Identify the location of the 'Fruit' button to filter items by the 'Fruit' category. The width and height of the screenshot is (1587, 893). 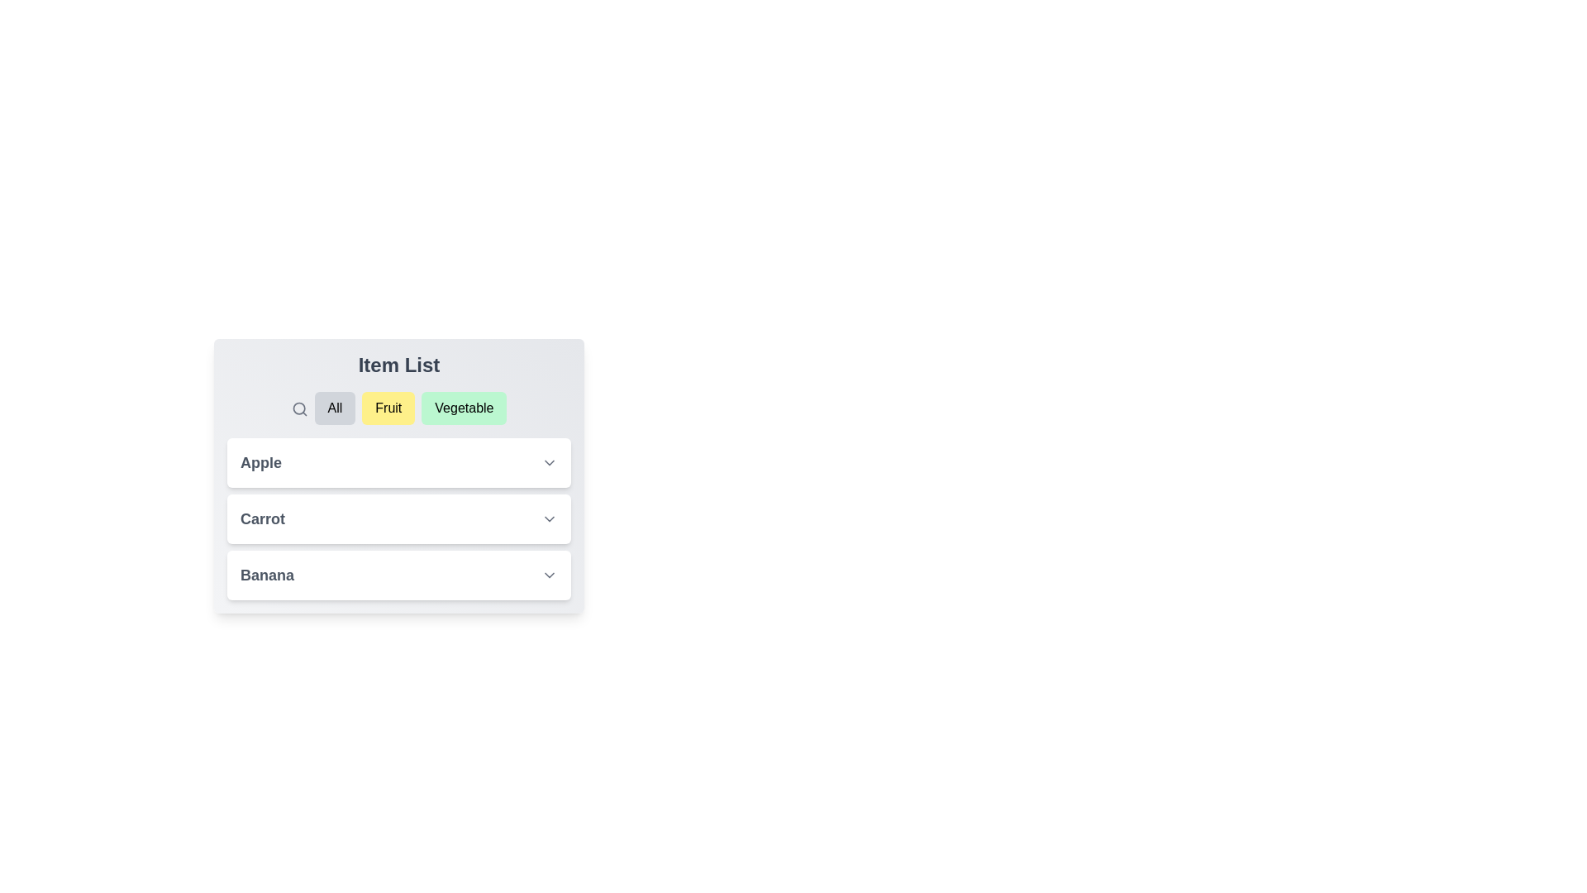
(388, 408).